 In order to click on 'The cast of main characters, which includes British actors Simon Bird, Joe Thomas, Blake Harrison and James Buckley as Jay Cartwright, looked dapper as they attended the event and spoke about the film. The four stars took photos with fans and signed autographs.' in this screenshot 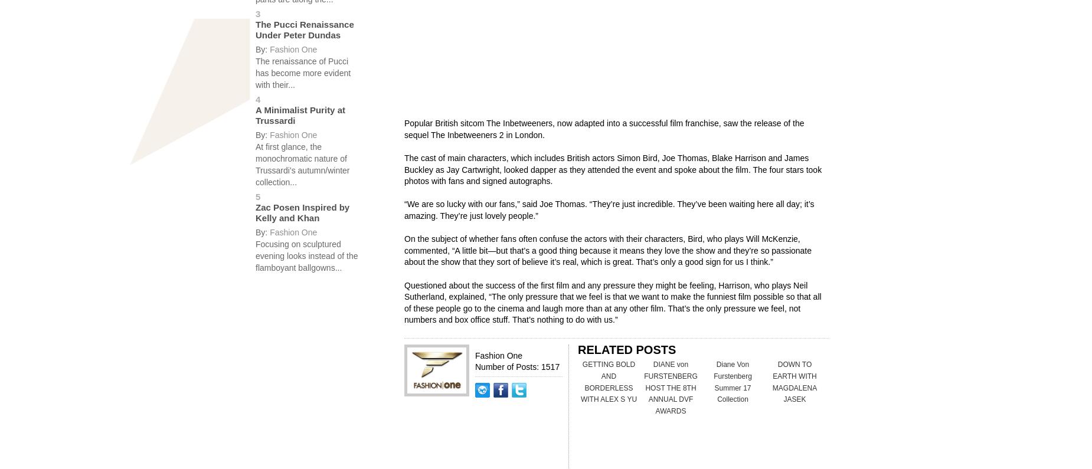, I will do `click(404, 169)`.